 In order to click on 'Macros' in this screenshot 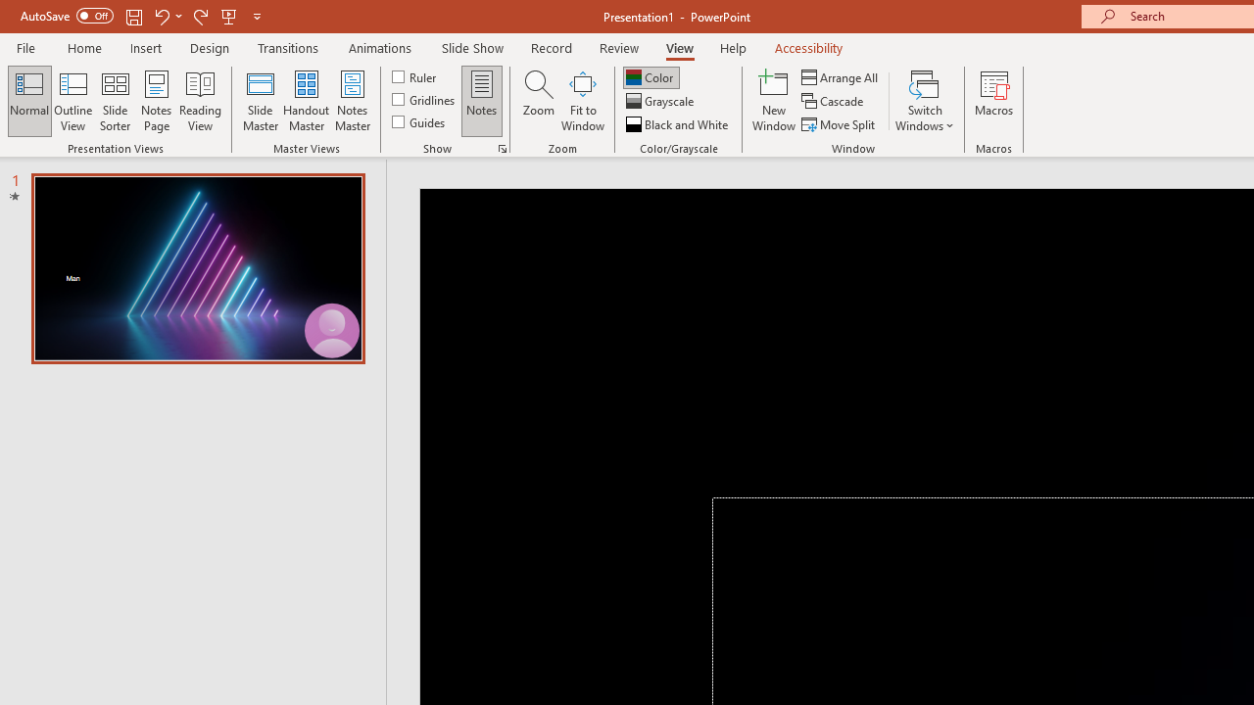, I will do `click(994, 101)`.